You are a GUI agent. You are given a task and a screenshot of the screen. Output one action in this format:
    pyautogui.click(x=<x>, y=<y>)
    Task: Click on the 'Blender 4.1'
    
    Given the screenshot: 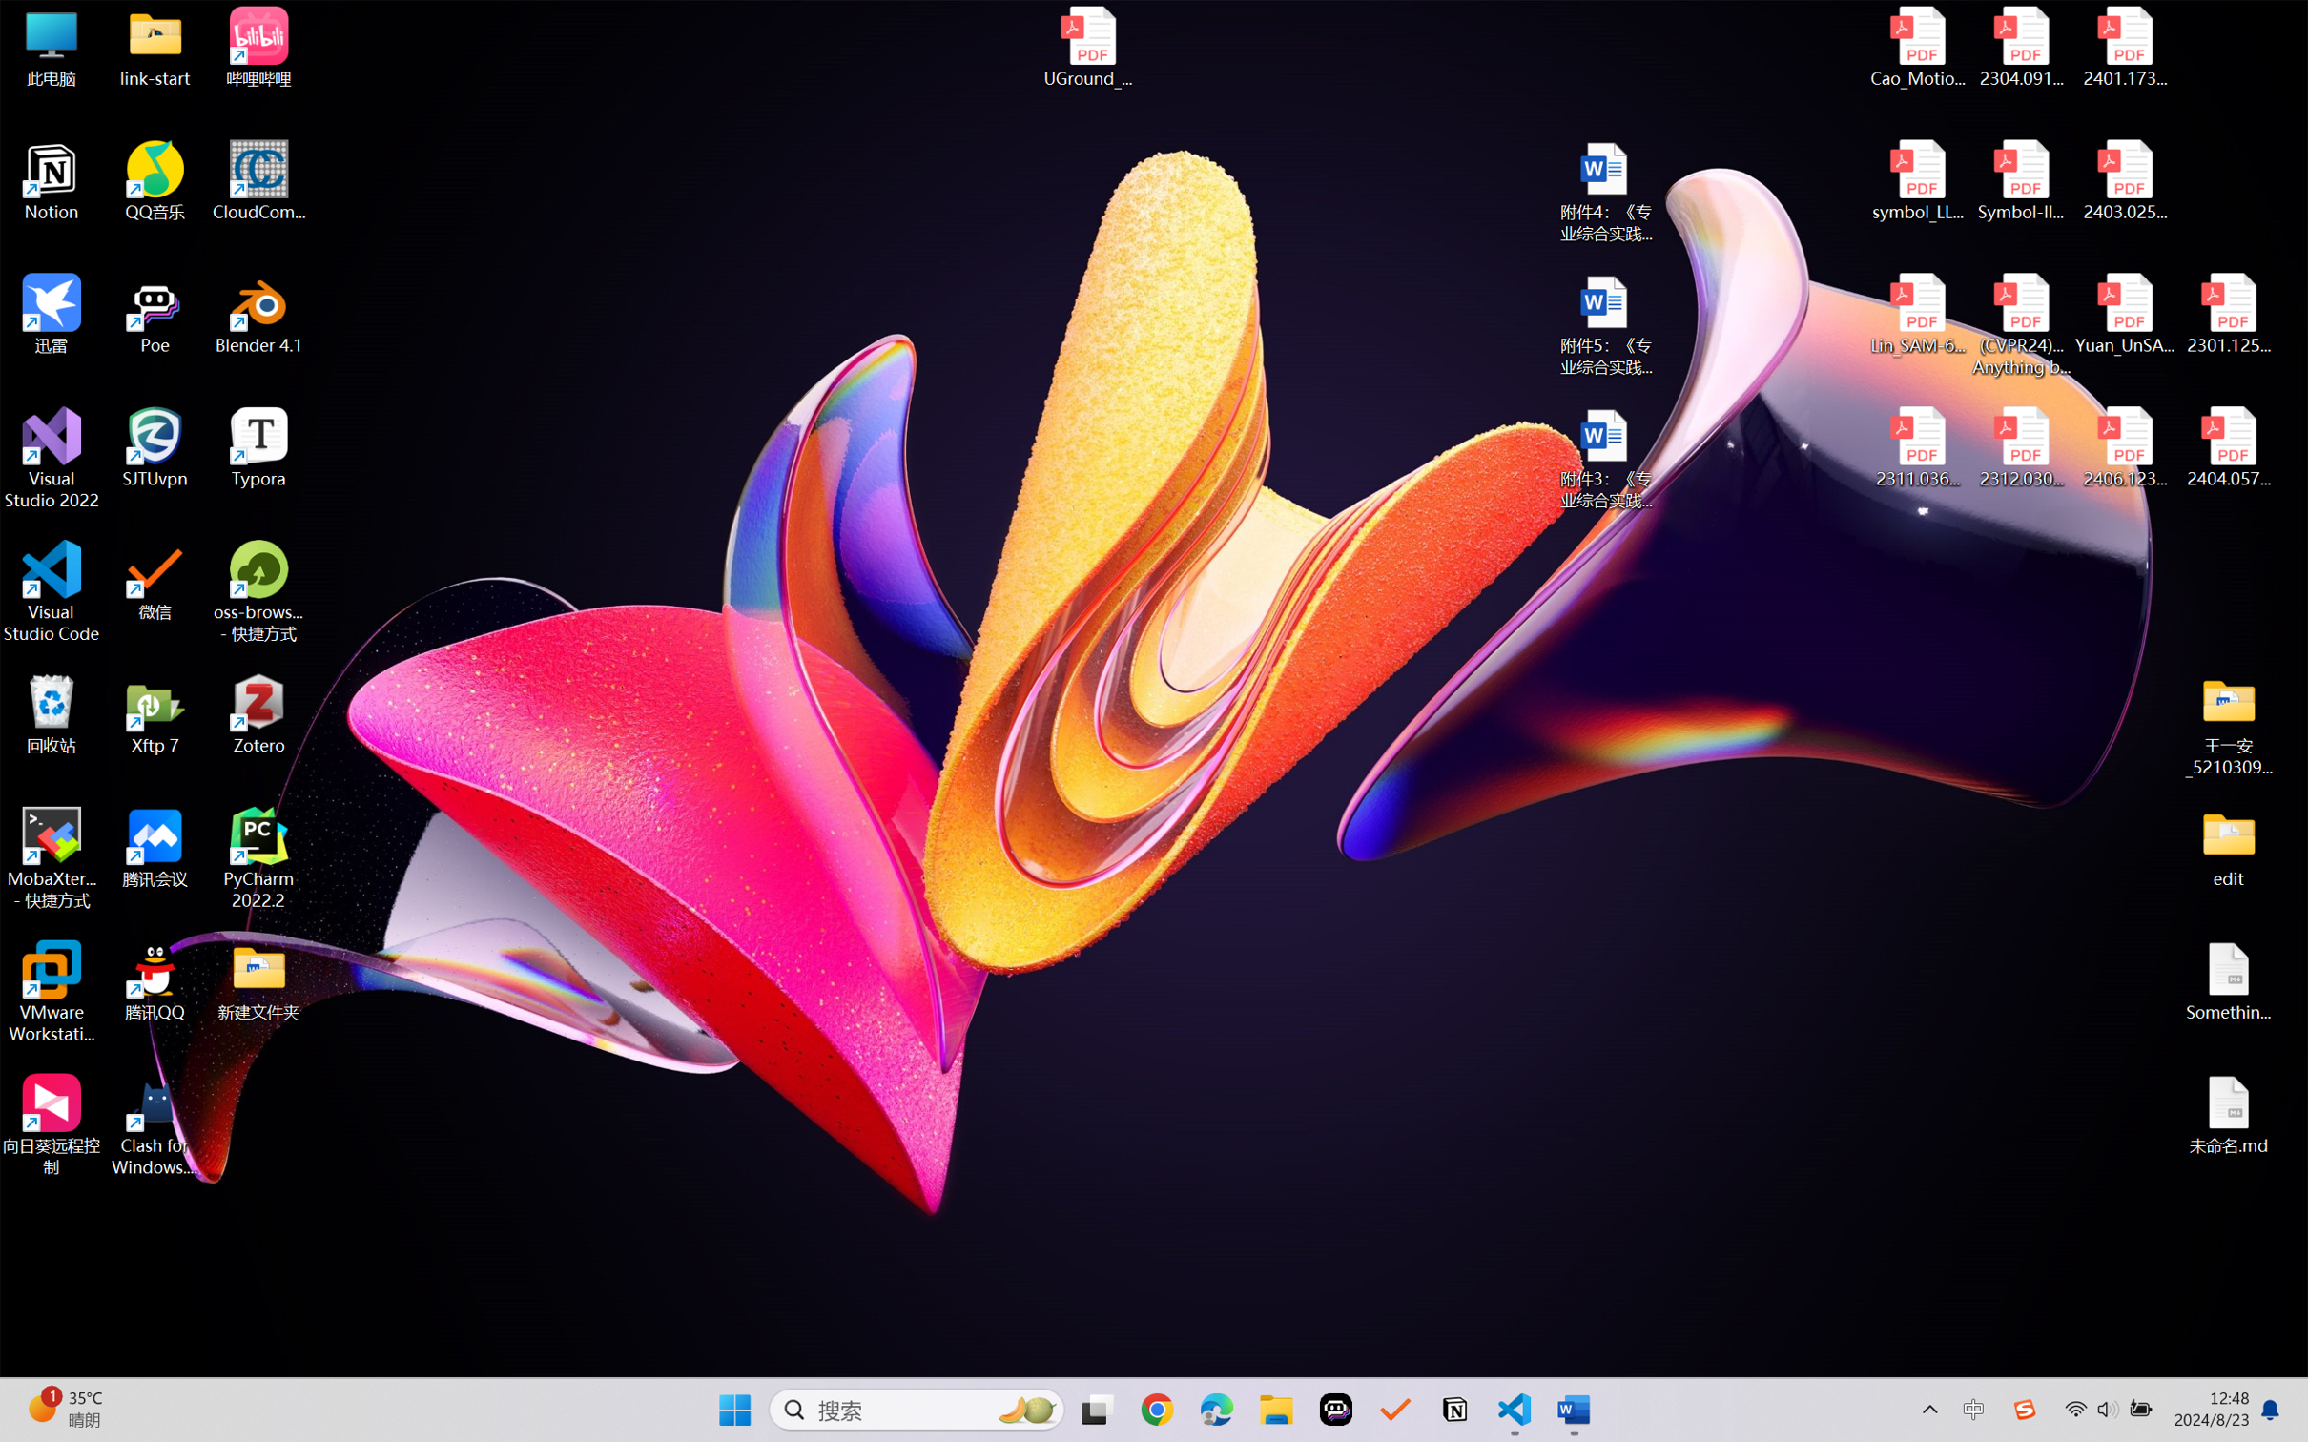 What is the action you would take?
    pyautogui.click(x=258, y=313)
    